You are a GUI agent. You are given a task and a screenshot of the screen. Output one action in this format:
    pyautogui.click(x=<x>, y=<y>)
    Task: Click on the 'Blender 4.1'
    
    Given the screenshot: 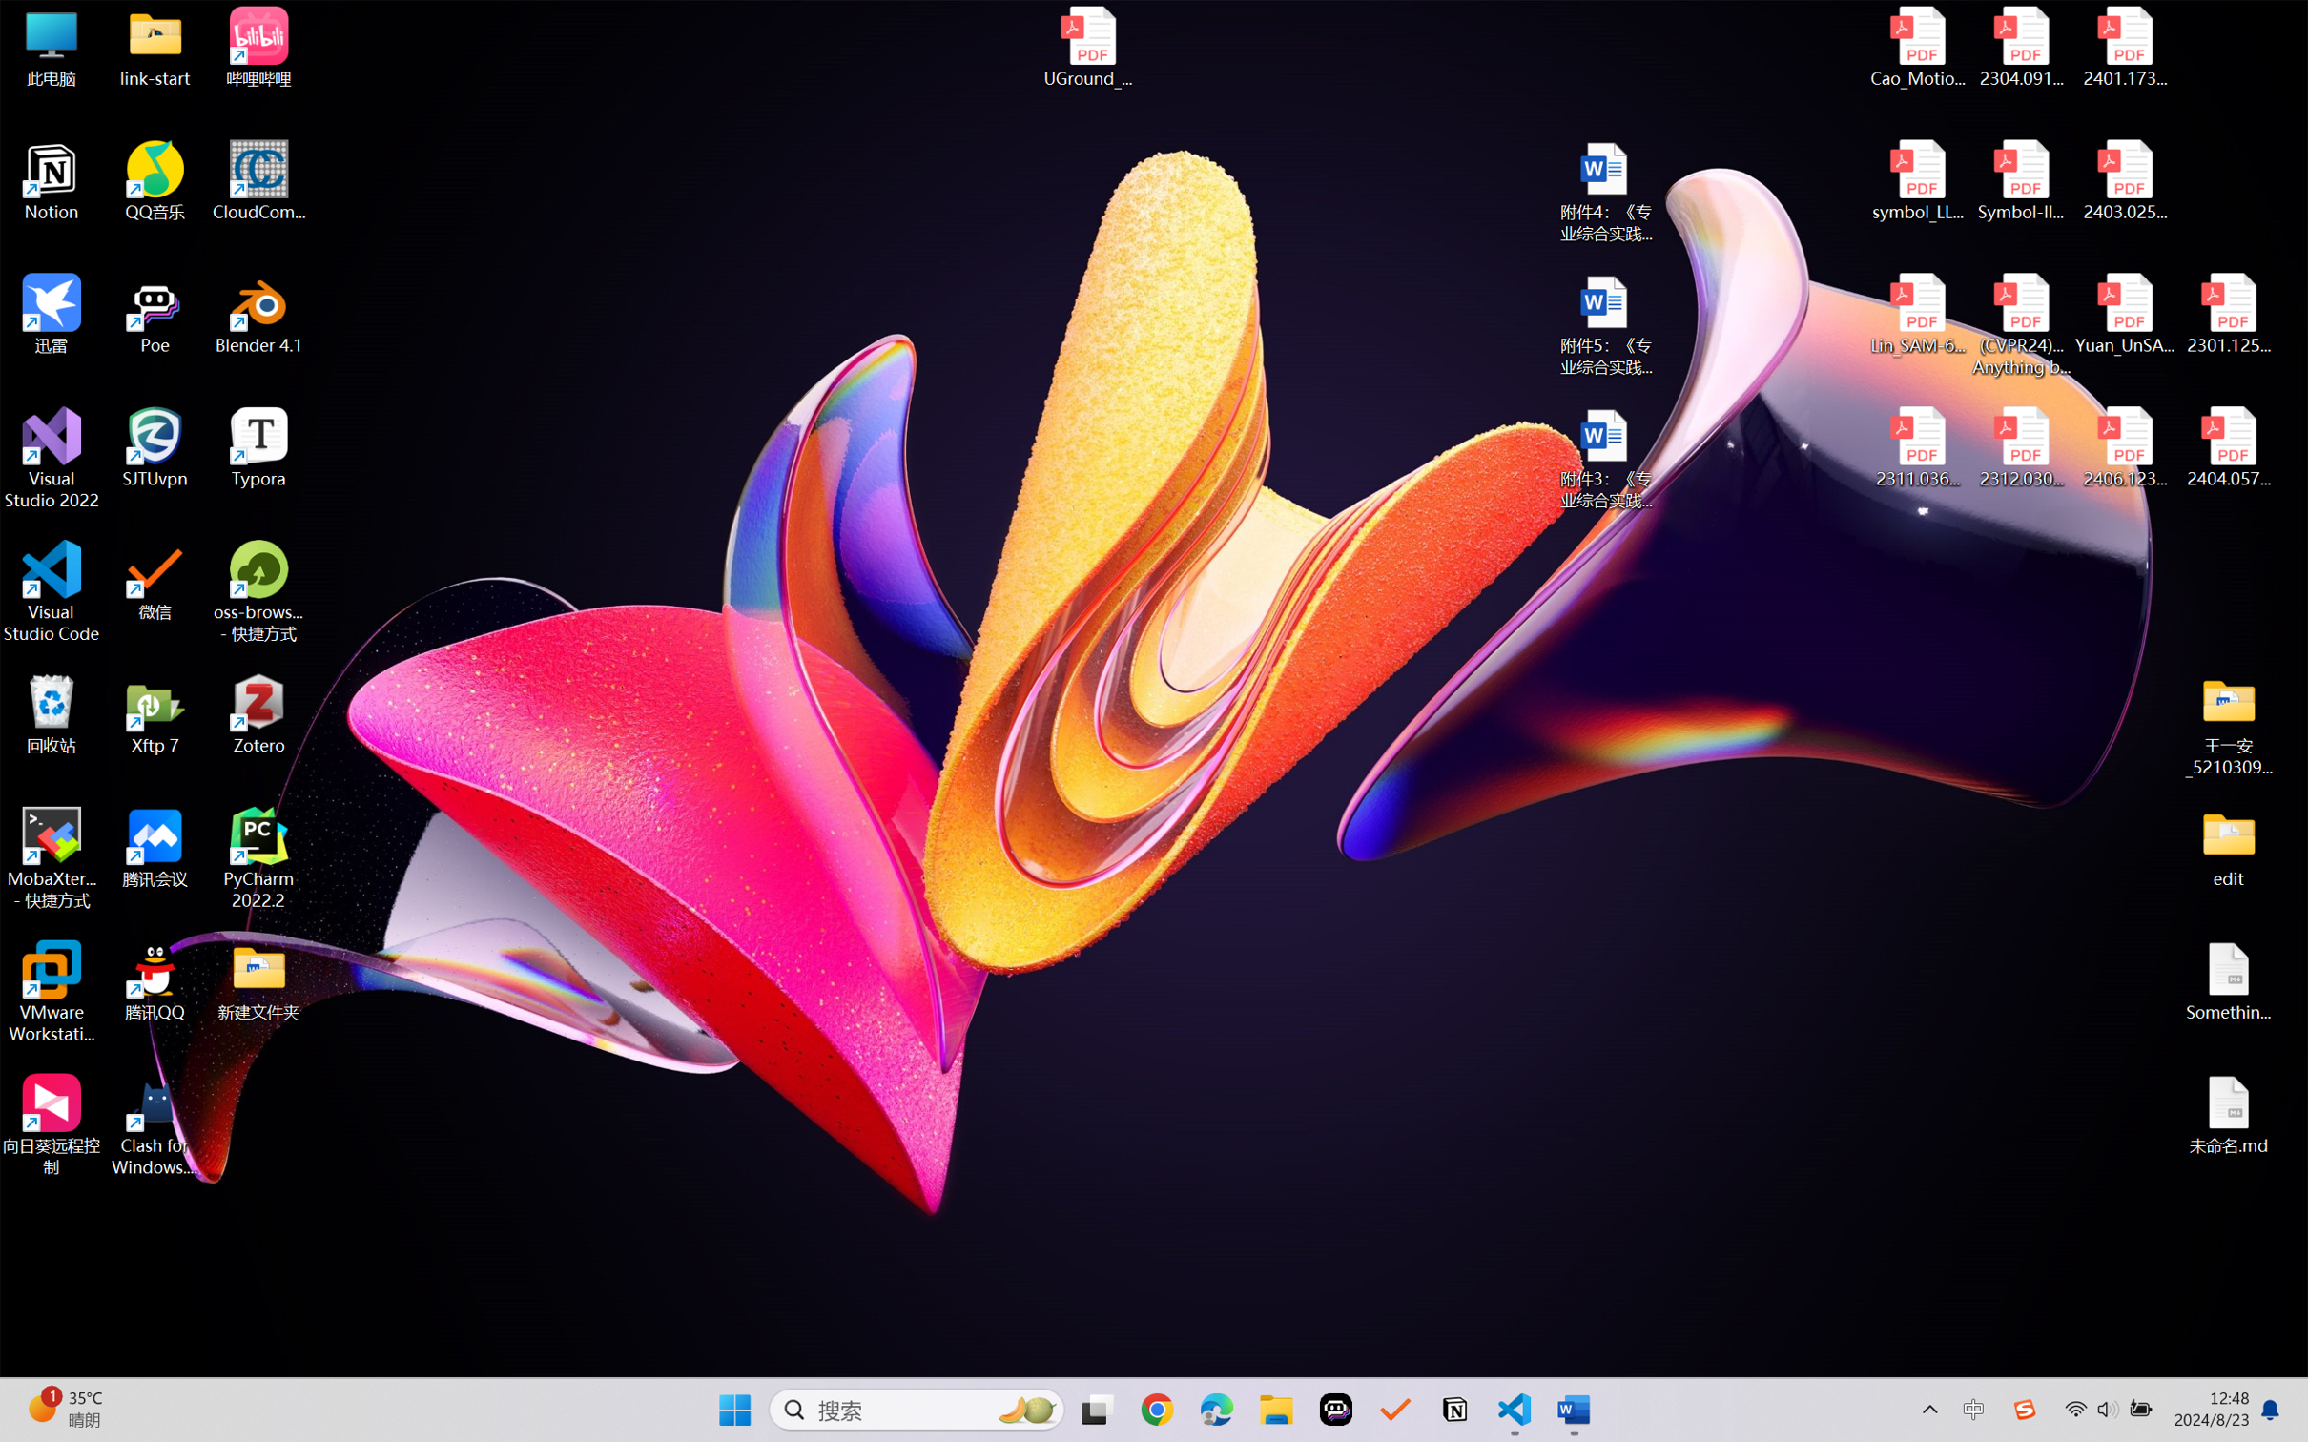 What is the action you would take?
    pyautogui.click(x=258, y=313)
    